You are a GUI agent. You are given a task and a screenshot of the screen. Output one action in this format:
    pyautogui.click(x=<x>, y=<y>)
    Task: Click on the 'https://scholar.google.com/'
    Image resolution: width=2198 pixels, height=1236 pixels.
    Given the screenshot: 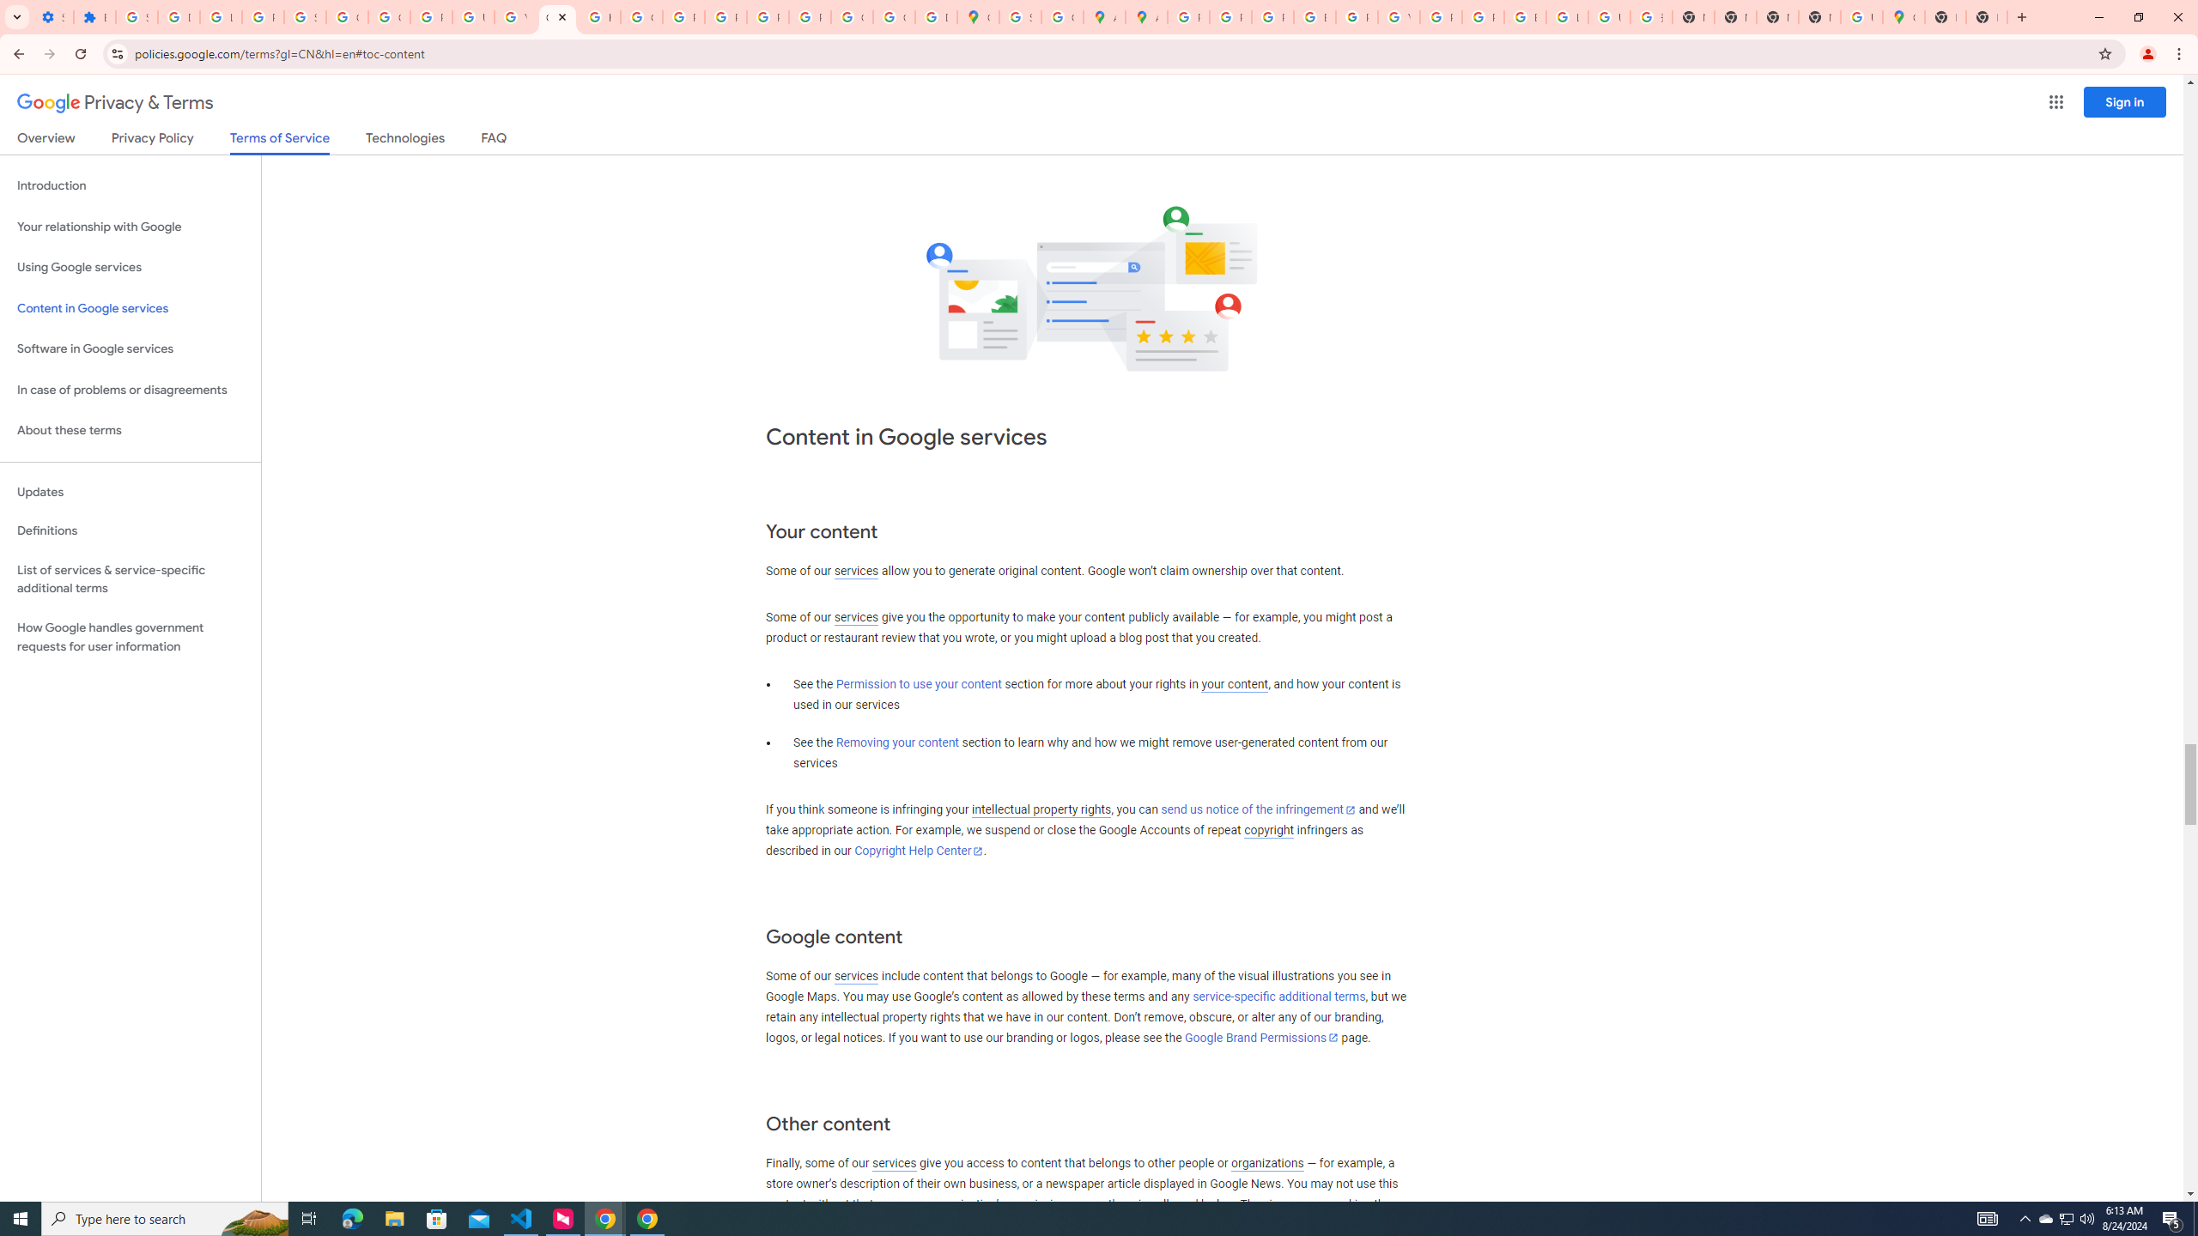 What is the action you would take?
    pyautogui.click(x=598, y=16)
    